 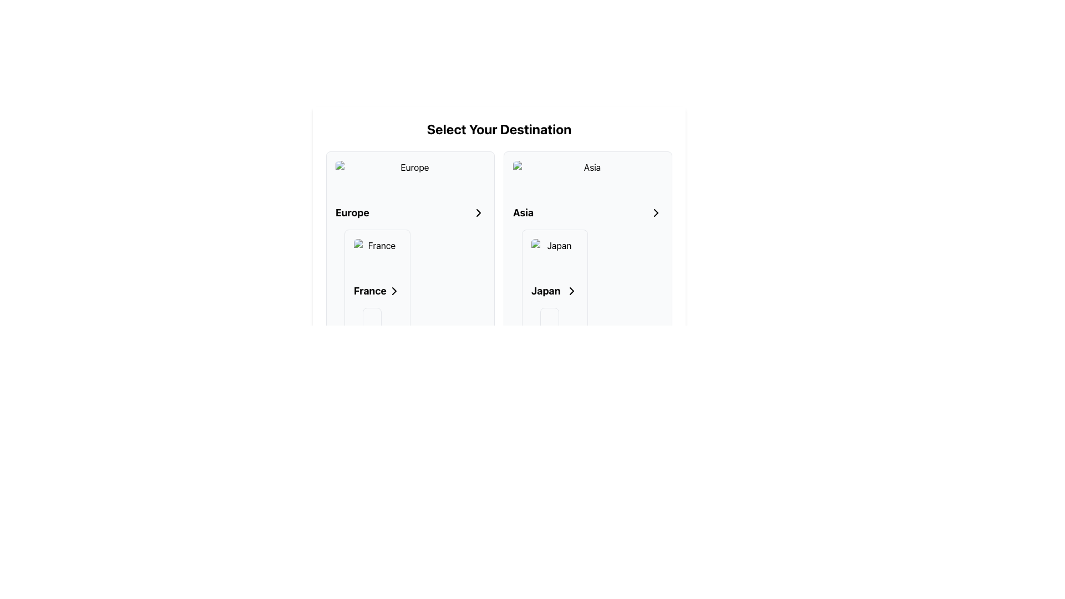 What do you see at coordinates (555, 290) in the screenshot?
I see `the horizontal layout element containing text and icon for the 'Japan' destination` at bounding box center [555, 290].